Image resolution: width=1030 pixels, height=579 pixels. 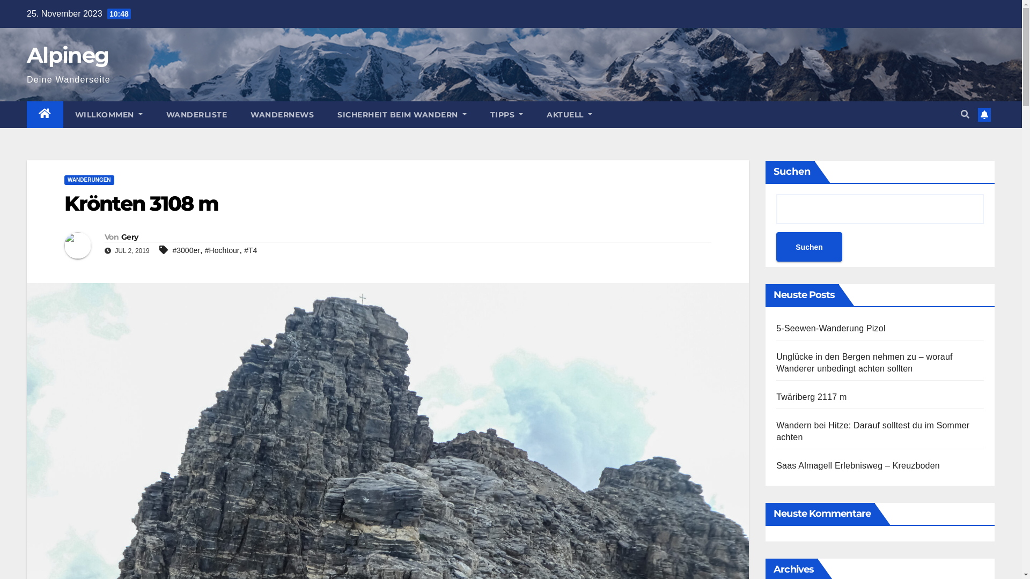 I want to click on 'AKTUELL', so click(x=569, y=114).